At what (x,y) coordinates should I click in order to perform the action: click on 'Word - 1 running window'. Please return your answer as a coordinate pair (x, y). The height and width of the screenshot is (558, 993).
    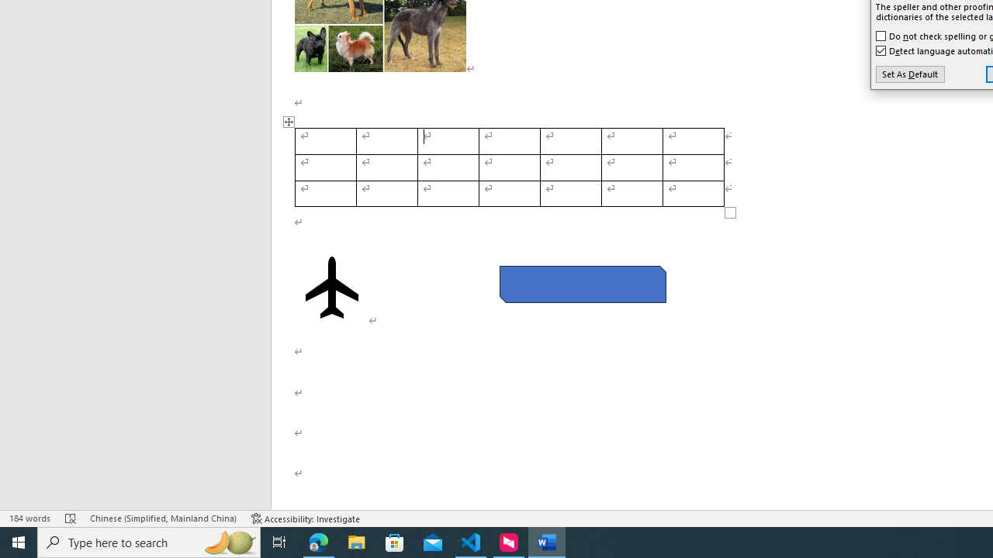
    Looking at the image, I should click on (547, 541).